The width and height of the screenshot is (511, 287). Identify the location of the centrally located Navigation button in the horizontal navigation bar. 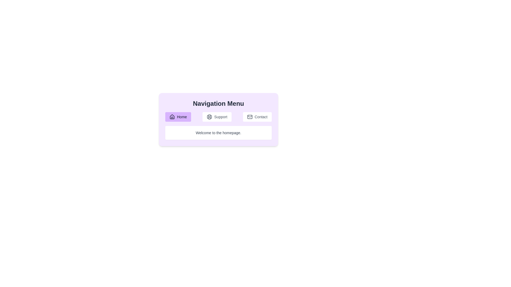
(217, 116).